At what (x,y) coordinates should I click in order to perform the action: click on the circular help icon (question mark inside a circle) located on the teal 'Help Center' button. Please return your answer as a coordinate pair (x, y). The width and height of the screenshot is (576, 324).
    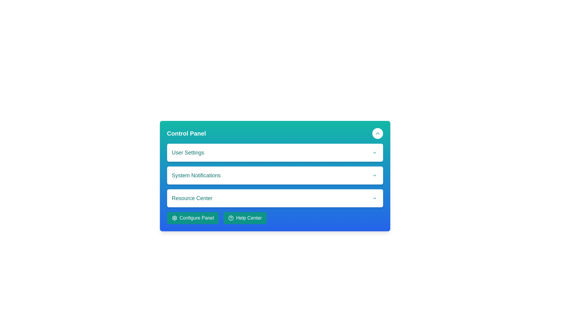
    Looking at the image, I should click on (231, 218).